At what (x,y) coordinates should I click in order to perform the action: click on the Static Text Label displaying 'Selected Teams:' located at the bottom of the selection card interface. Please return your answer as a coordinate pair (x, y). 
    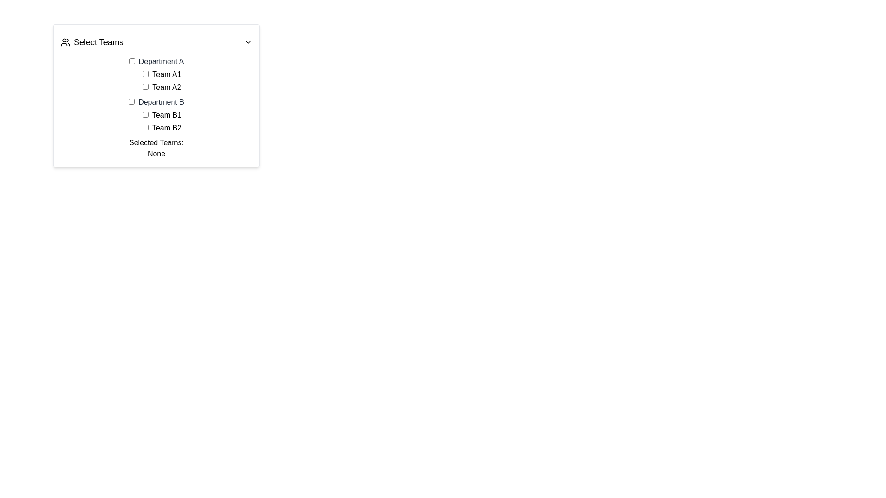
    Looking at the image, I should click on (156, 142).